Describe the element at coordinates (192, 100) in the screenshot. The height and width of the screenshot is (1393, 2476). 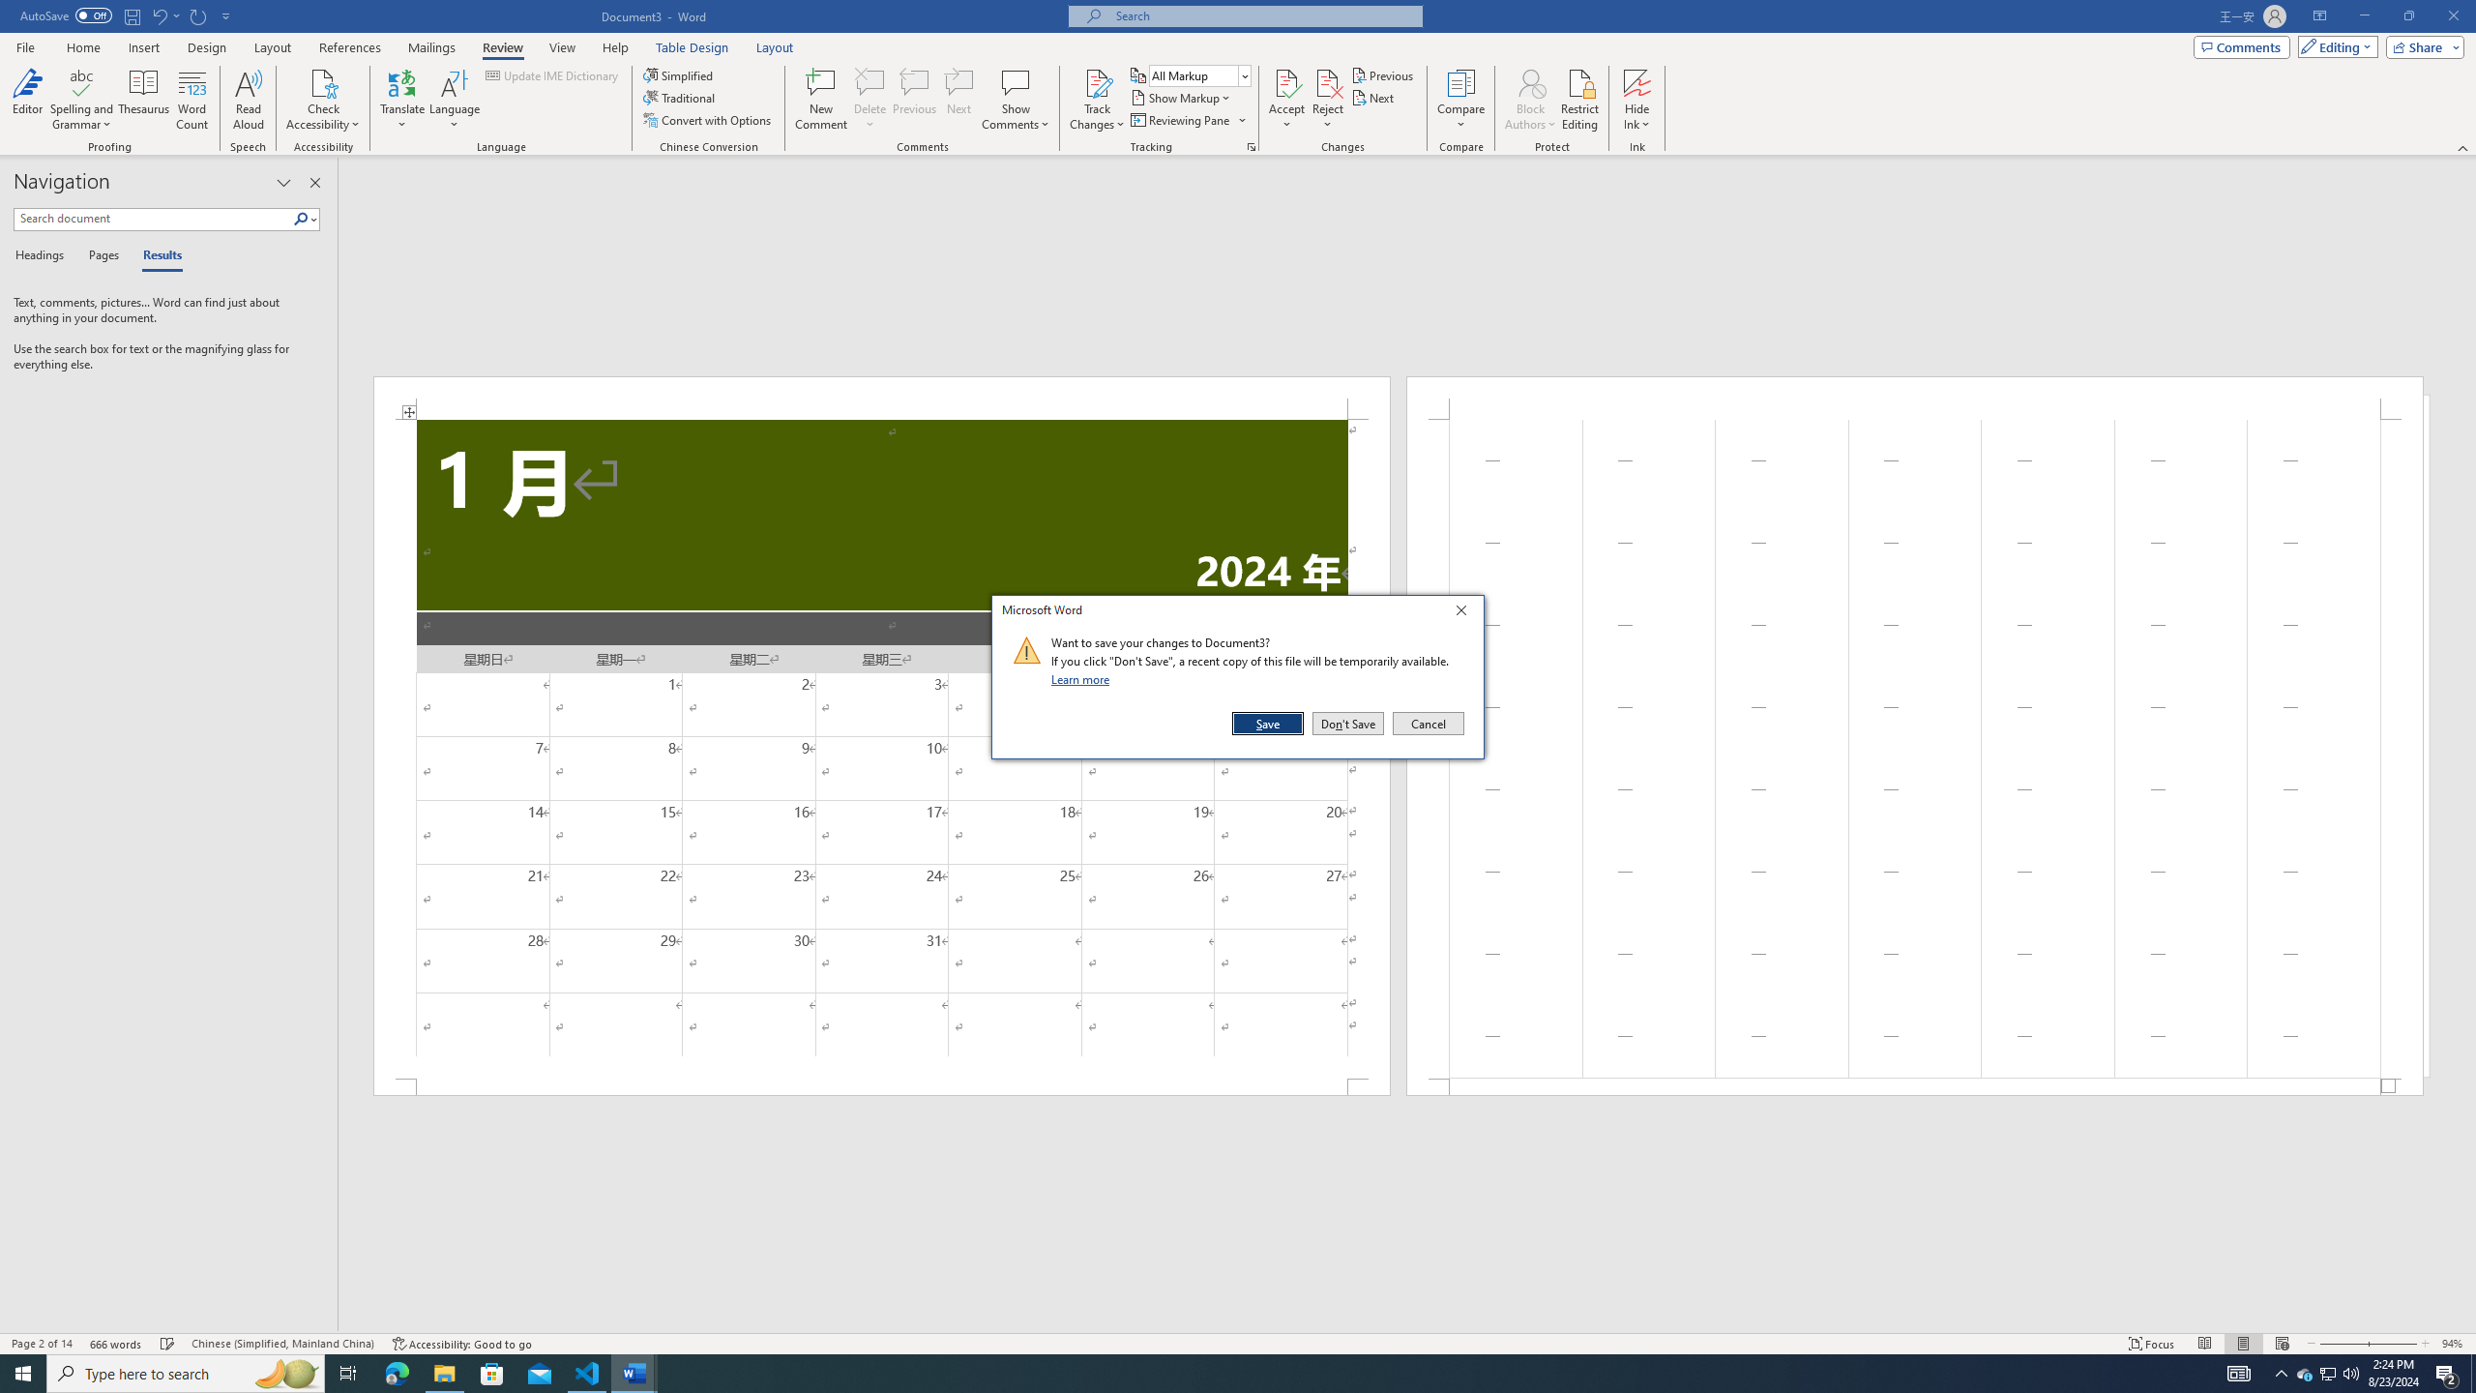
I see `'Word Count'` at that location.